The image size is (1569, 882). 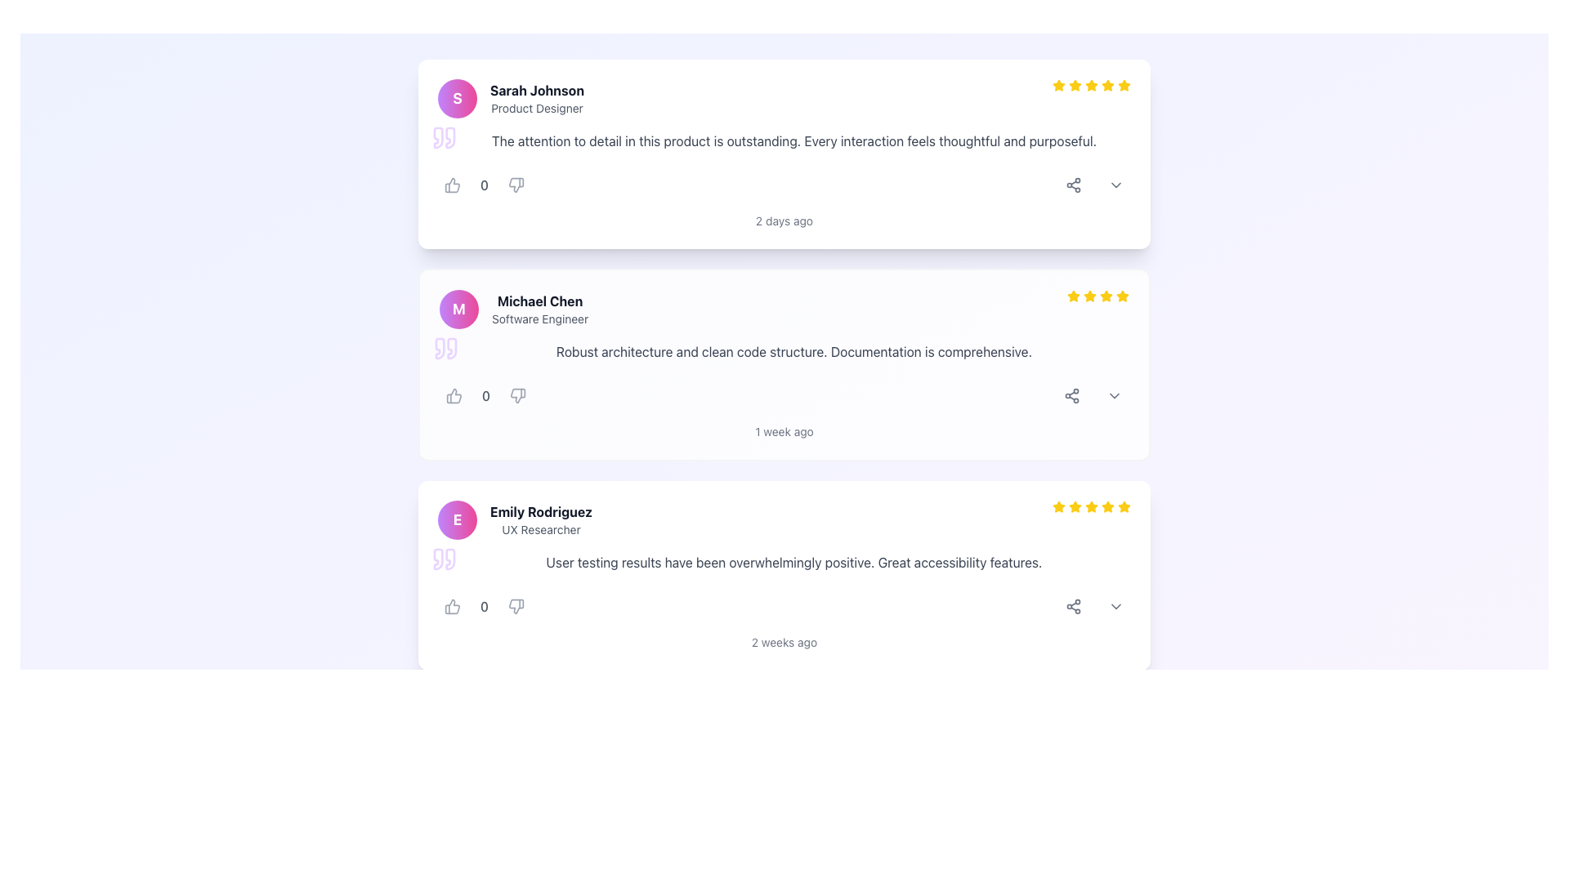 What do you see at coordinates (1075, 506) in the screenshot?
I see `the third star in the rating component for the review of 'Emily Rodriguez', which visually represents a full 5-star rating` at bounding box center [1075, 506].